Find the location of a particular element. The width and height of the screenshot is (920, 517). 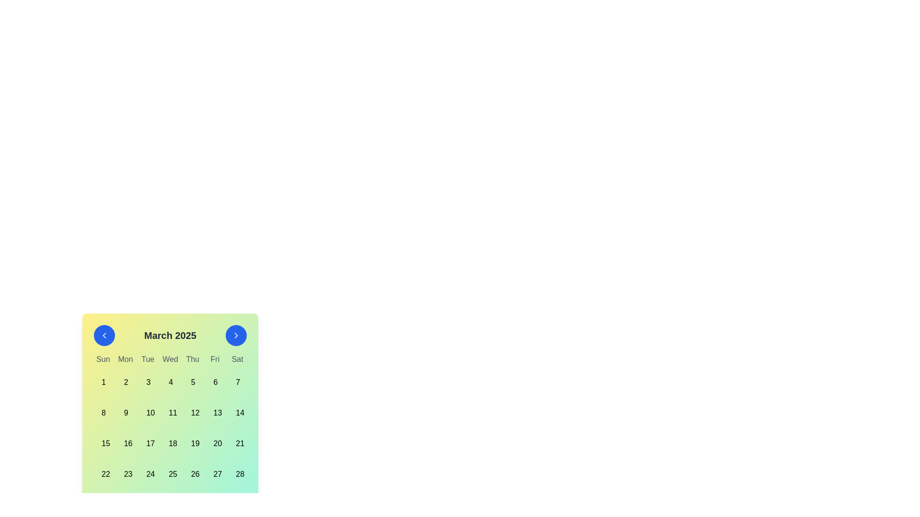

the clickable calendar day box displaying the number '12' in black text, located in the third row and fifth column of the calendar grid is located at coordinates (192, 413).